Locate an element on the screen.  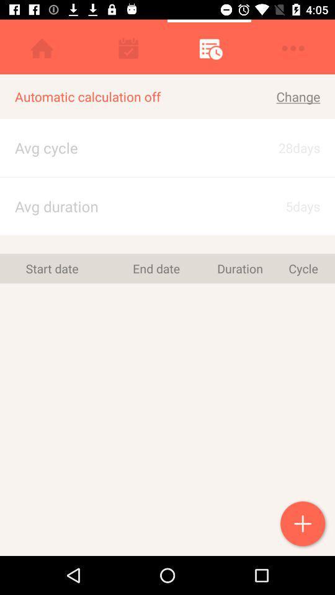
the 28days icon is located at coordinates (287, 148).